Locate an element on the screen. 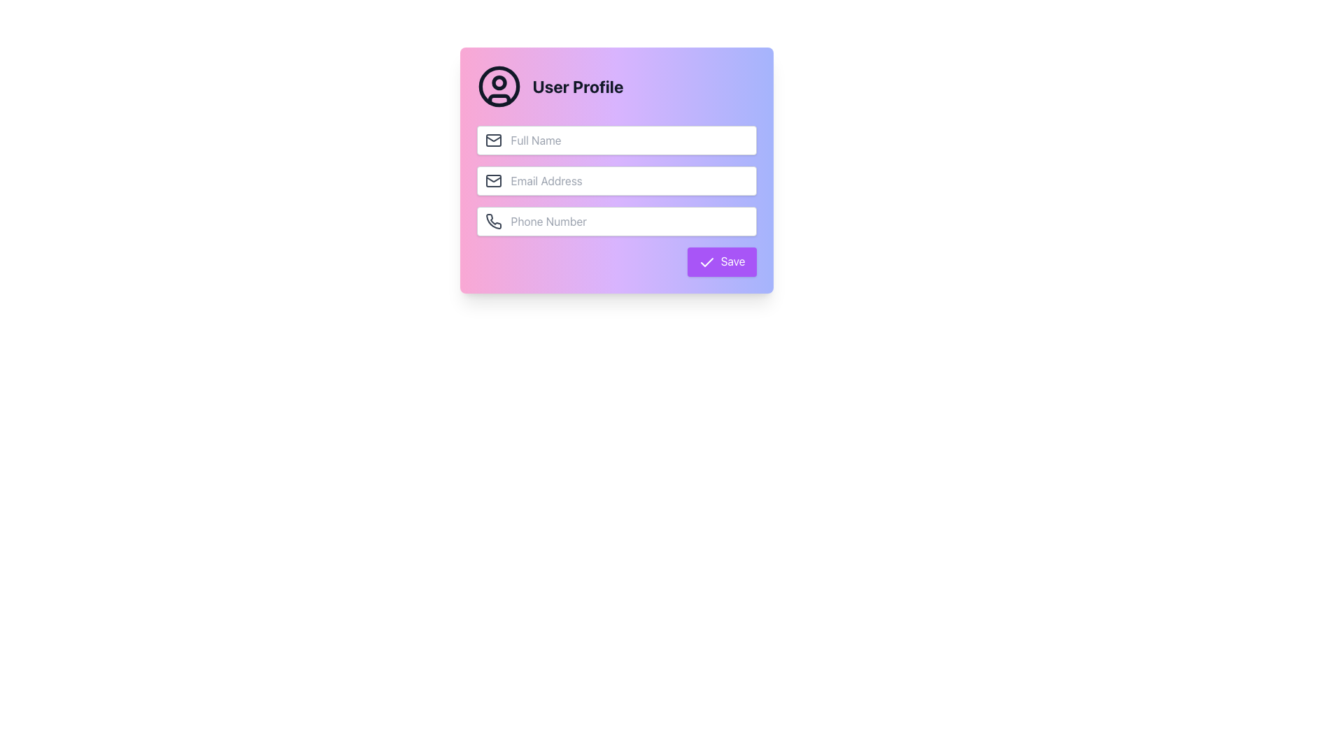 This screenshot has width=1343, height=755. the 'Save' button with a purple background and a white checkmark icon located in the bottom-right section of the 'User Profile' card is located at coordinates (722, 261).